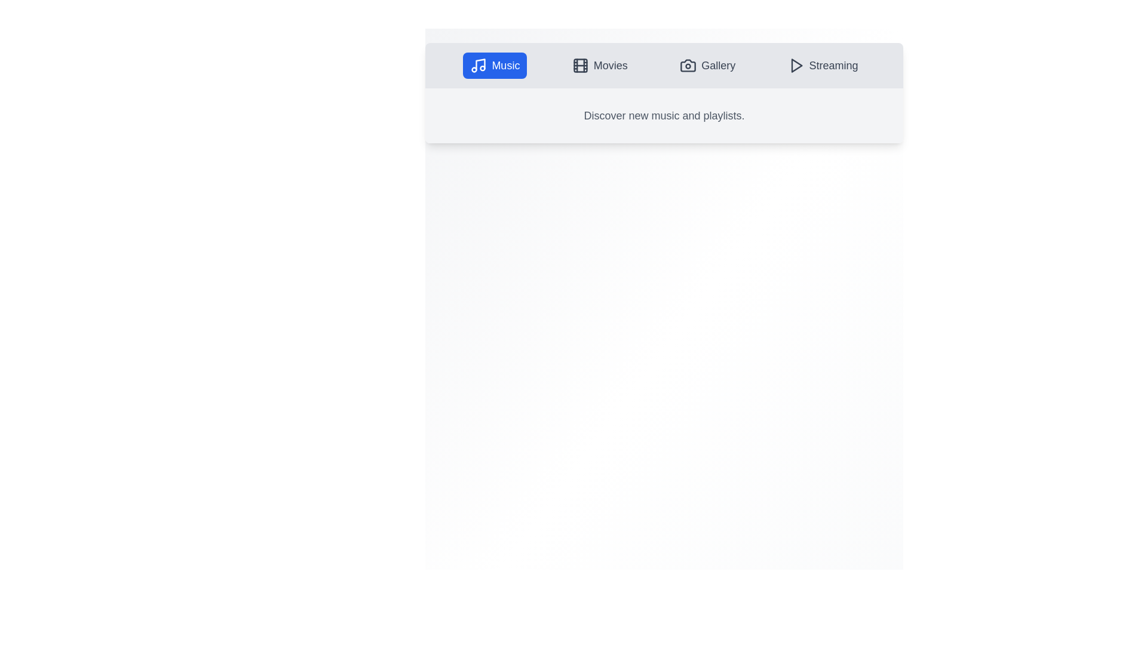 The width and height of the screenshot is (1147, 645). What do you see at coordinates (600, 66) in the screenshot?
I see `the tab labeled Movies` at bounding box center [600, 66].